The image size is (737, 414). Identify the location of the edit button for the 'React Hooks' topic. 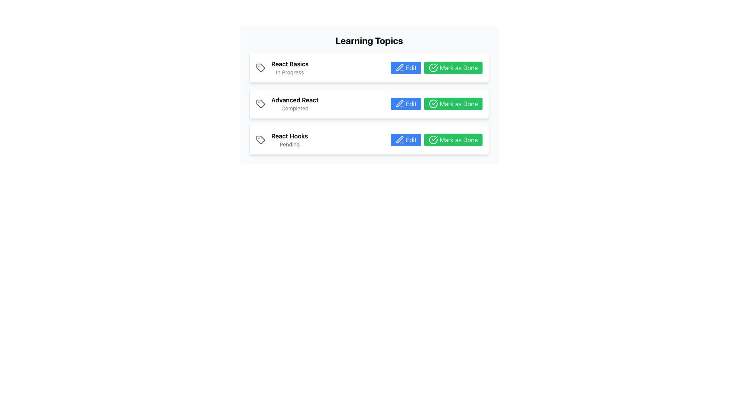
(405, 140).